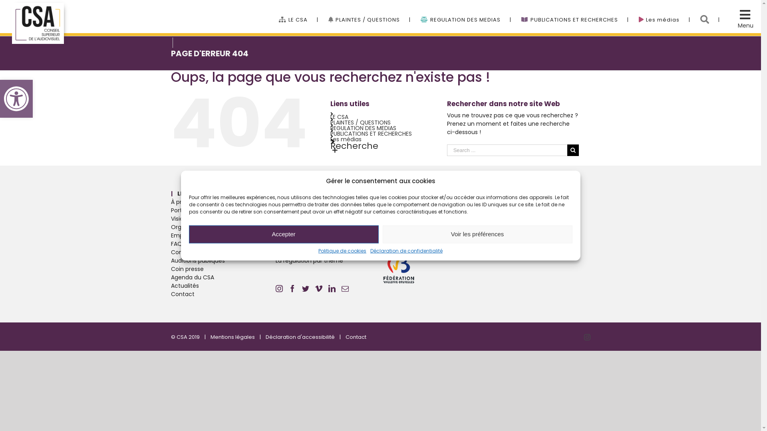  What do you see at coordinates (330, 146) in the screenshot?
I see `'Recherche'` at bounding box center [330, 146].